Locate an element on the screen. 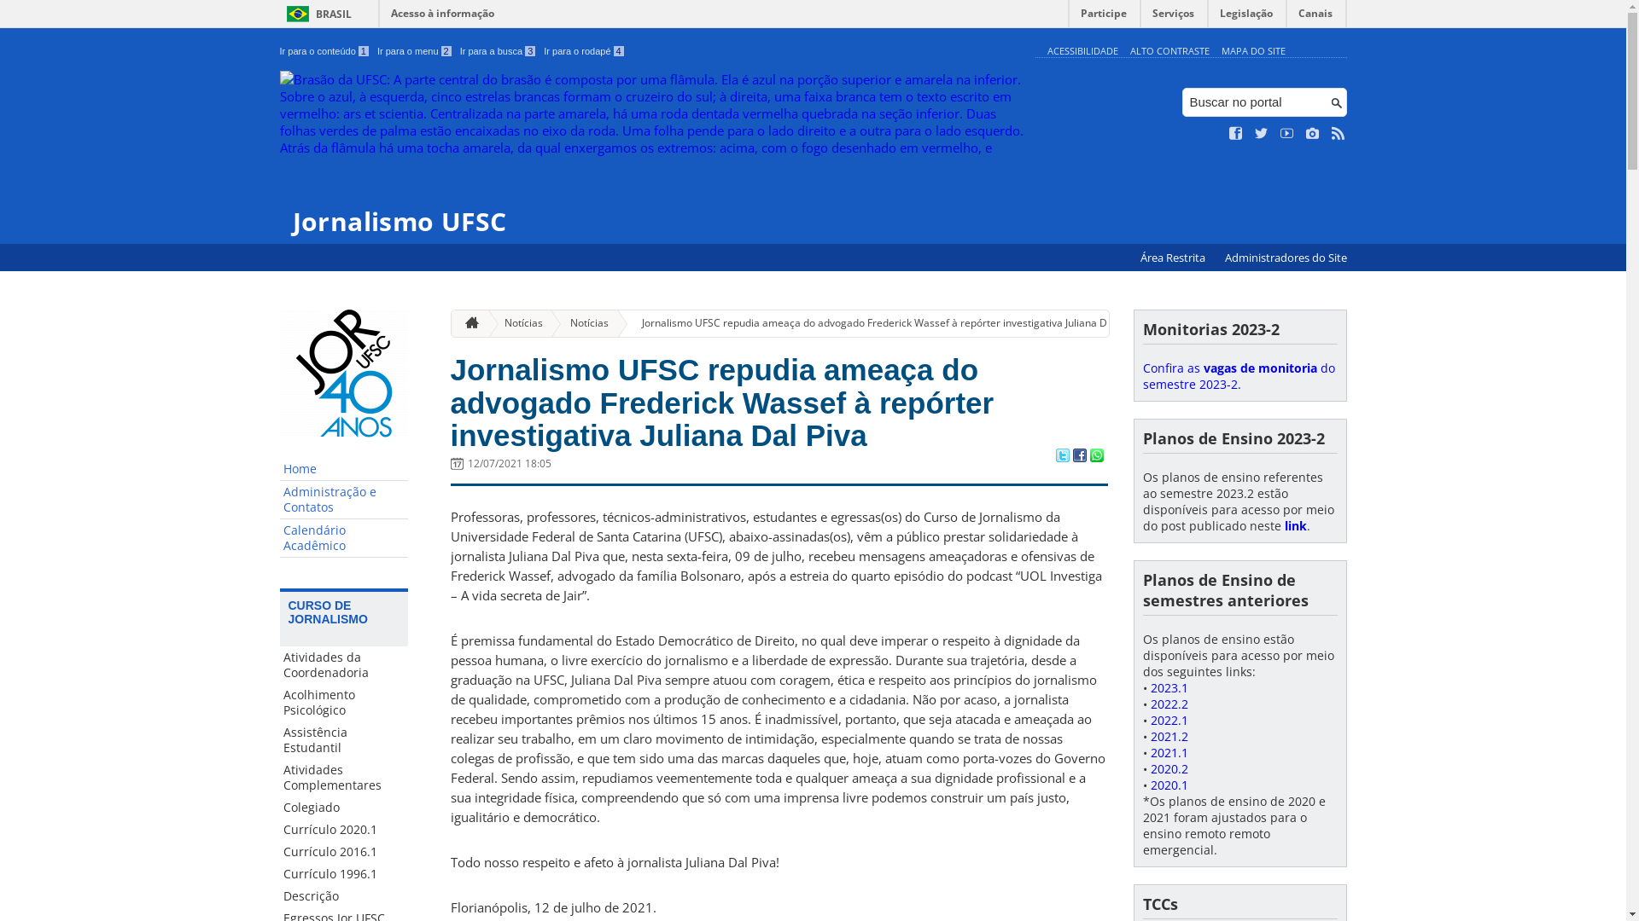 The height and width of the screenshot is (921, 1639). '2020.1' is located at coordinates (1151, 785).